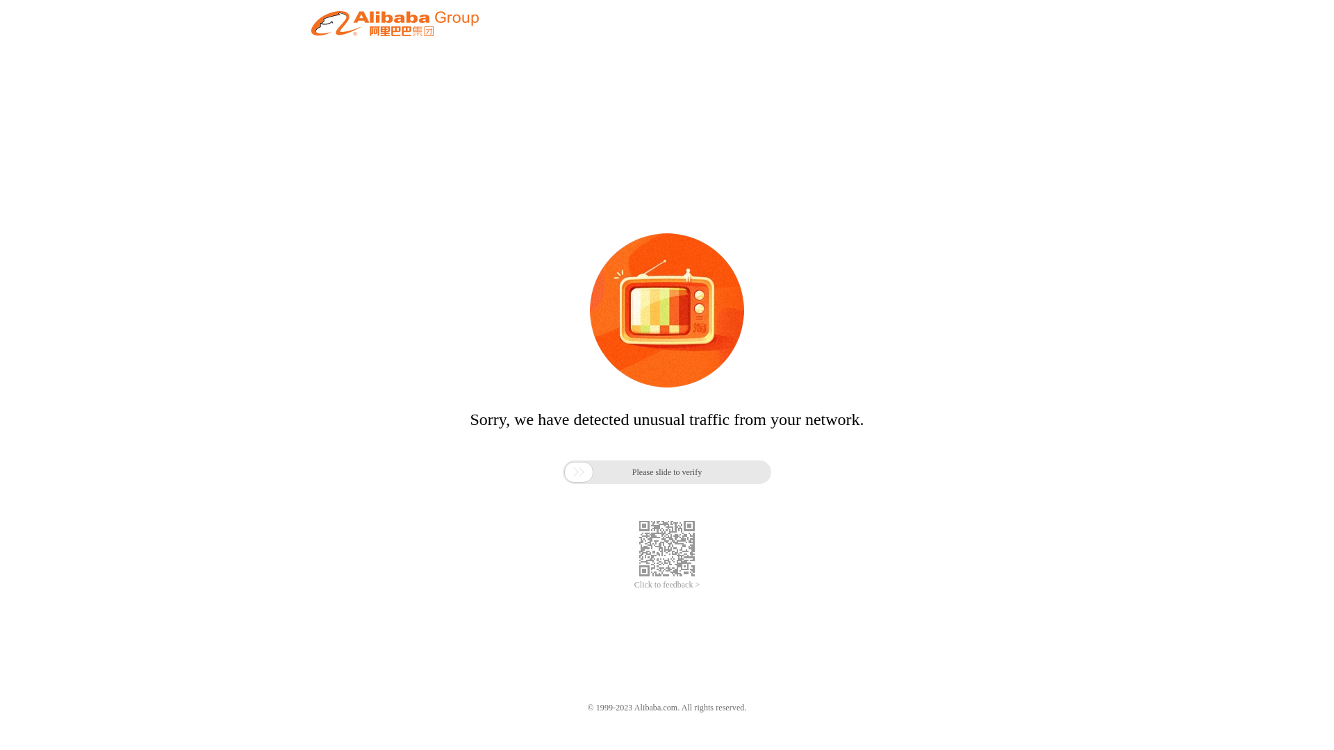  I want to click on 'Click to feedback >', so click(667, 585).